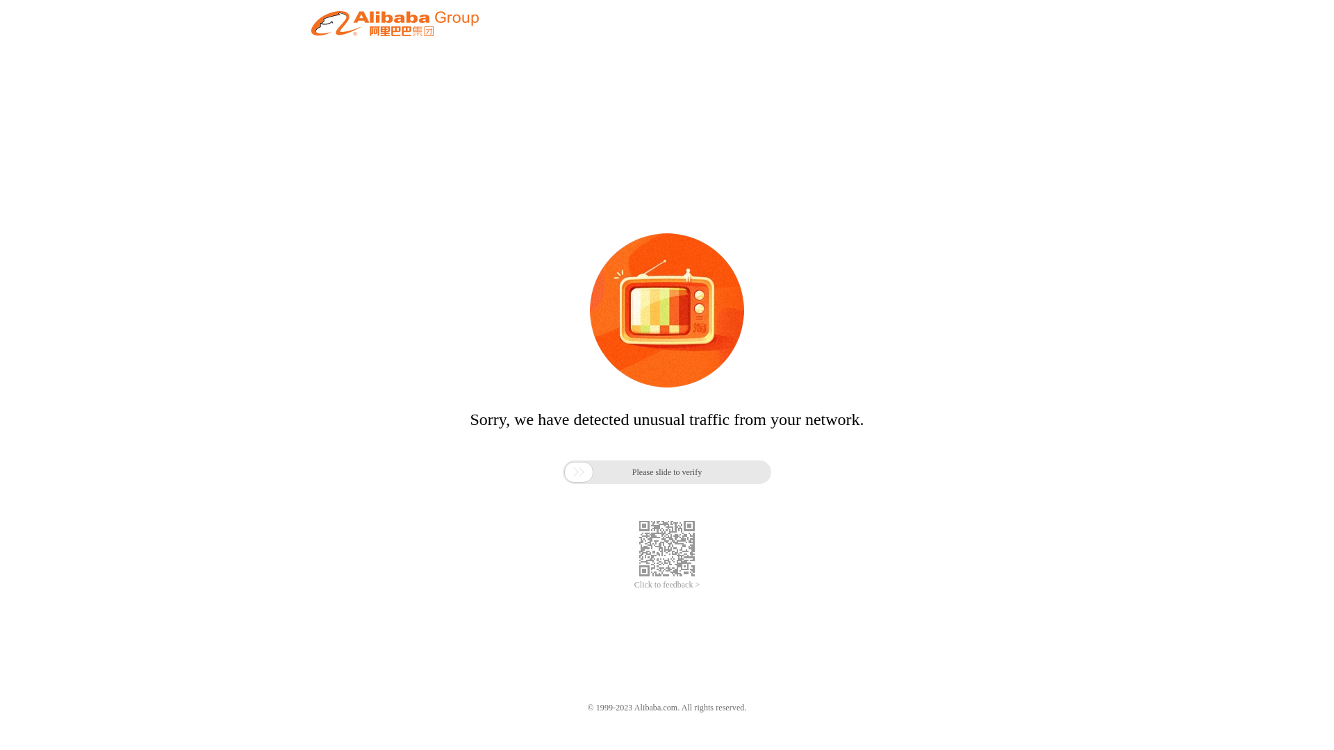  I want to click on 'Click to feedback >', so click(667, 585).